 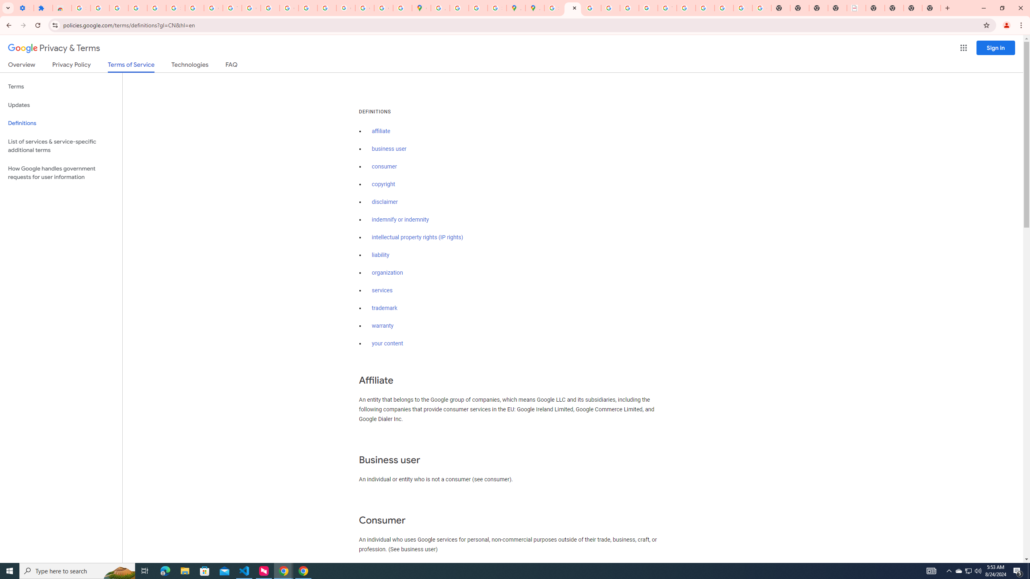 I want to click on 'intellectual property rights (IP rights)', so click(x=418, y=237).